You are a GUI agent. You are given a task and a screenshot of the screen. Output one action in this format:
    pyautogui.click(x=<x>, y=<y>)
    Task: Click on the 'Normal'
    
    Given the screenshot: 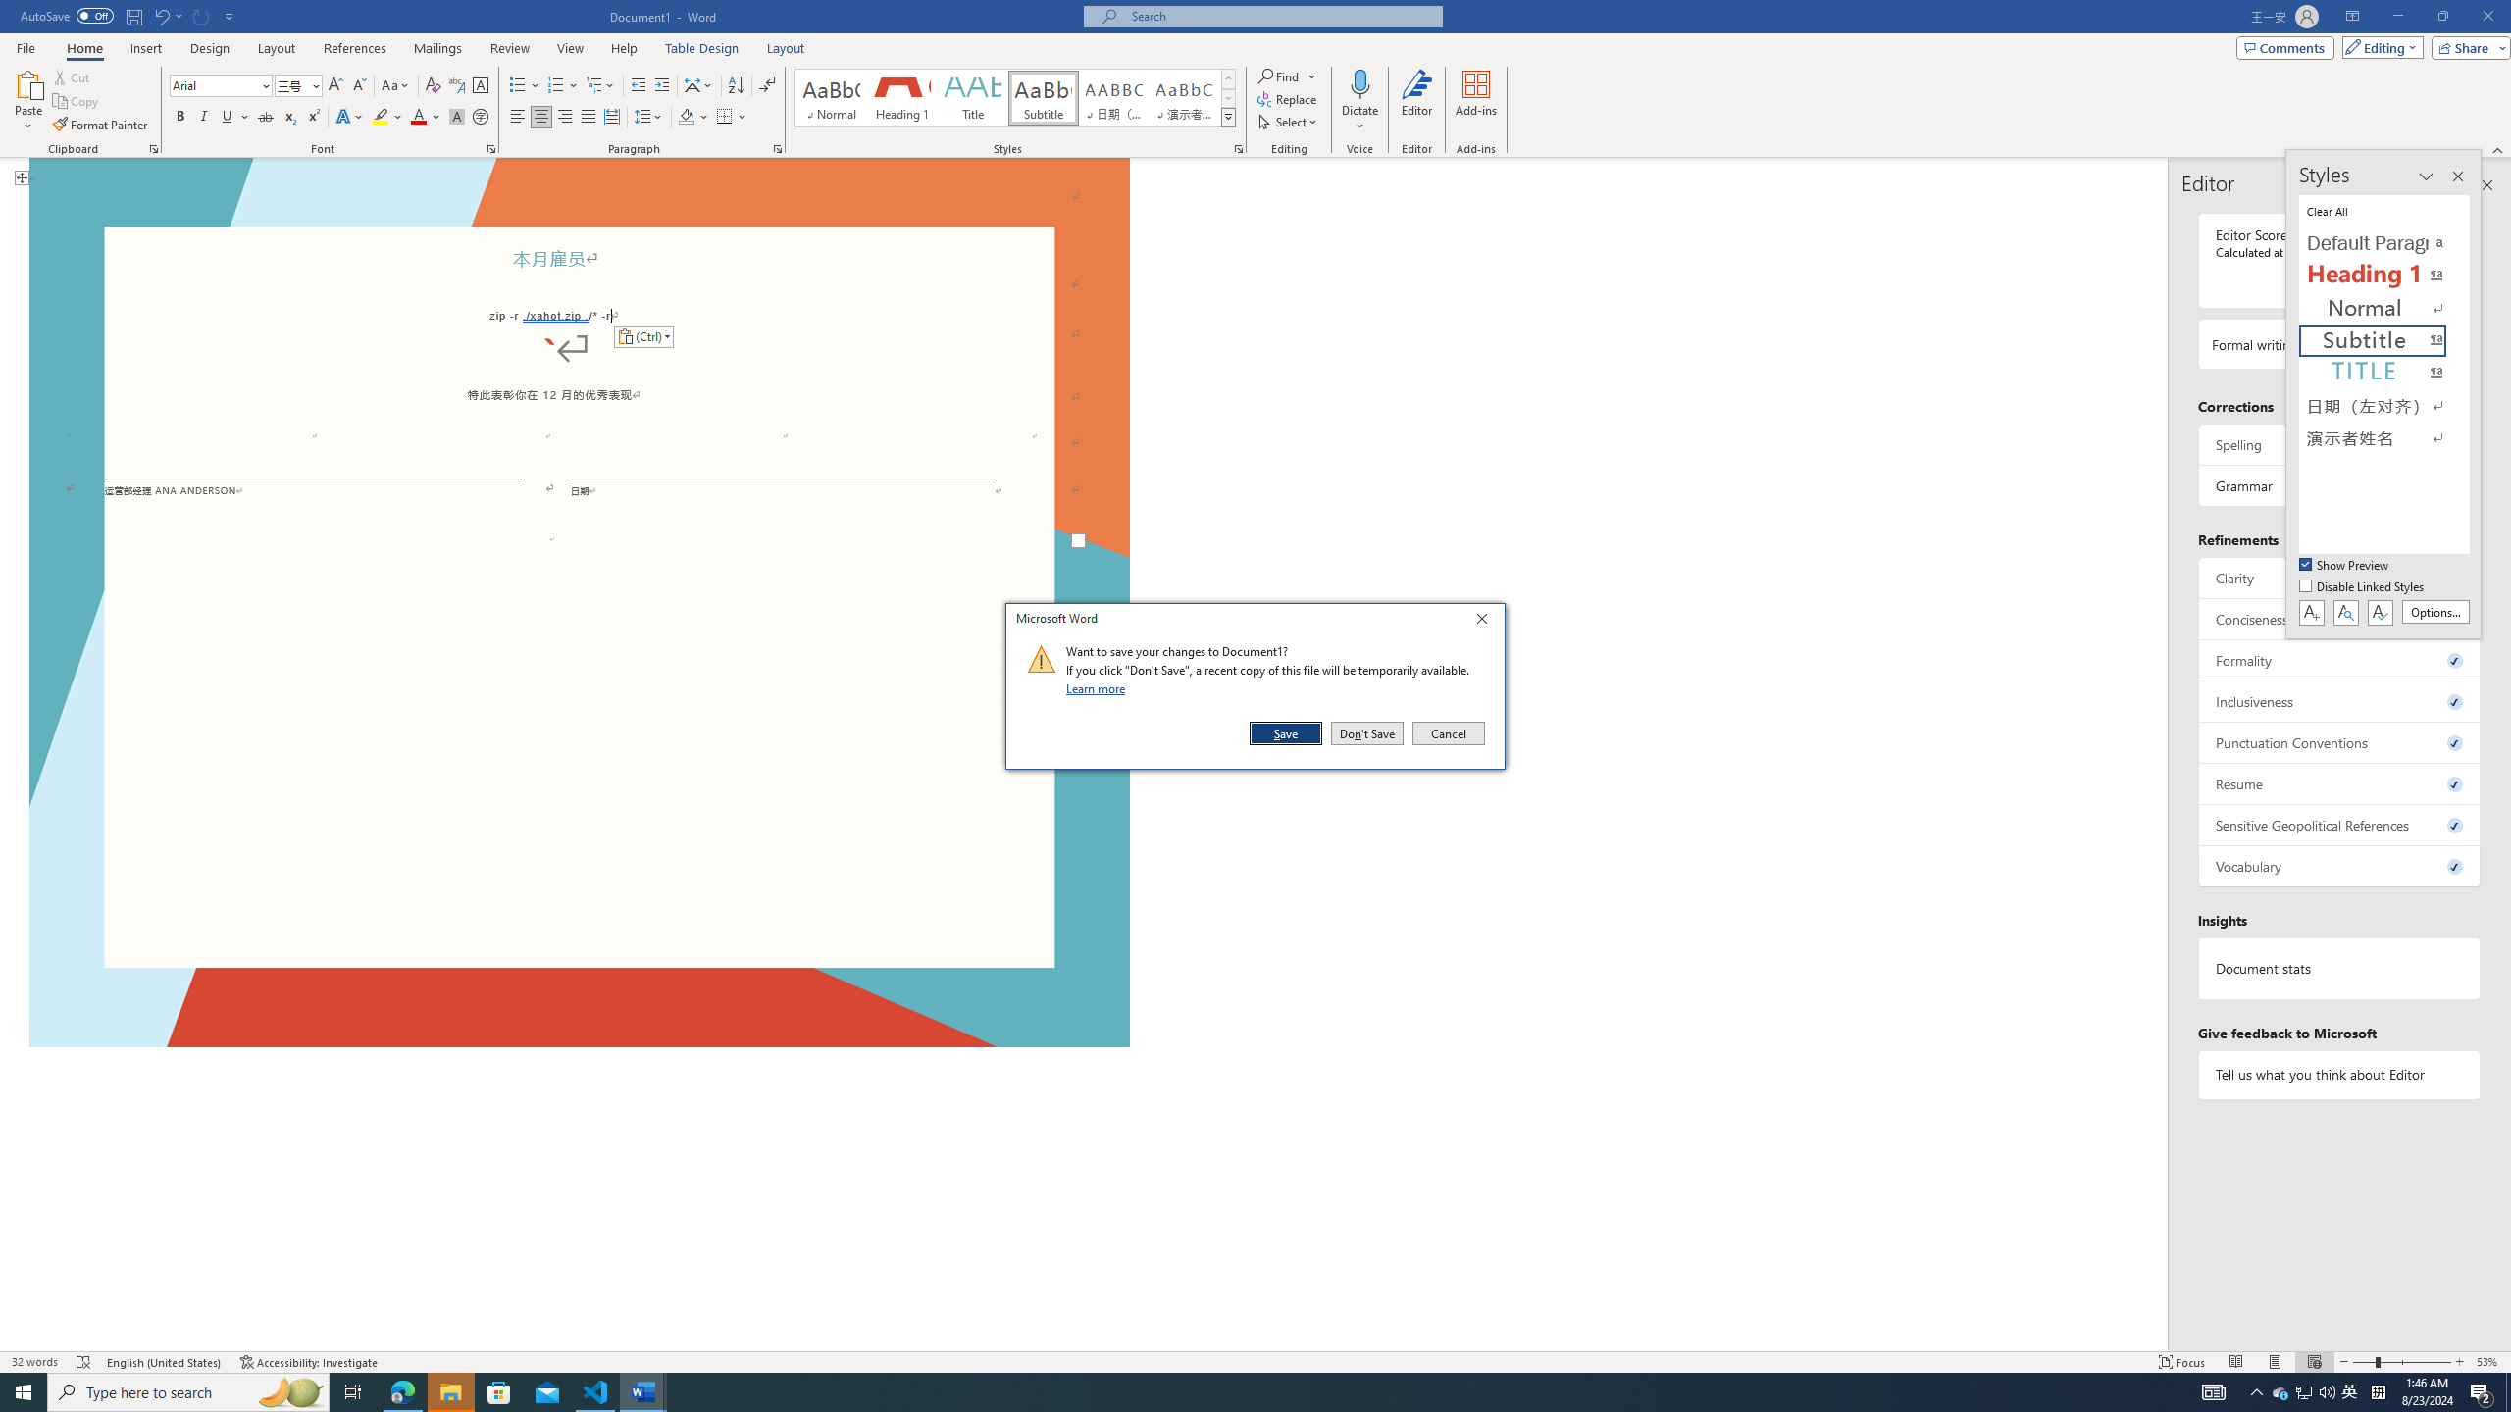 What is the action you would take?
    pyautogui.click(x=2384, y=308)
    